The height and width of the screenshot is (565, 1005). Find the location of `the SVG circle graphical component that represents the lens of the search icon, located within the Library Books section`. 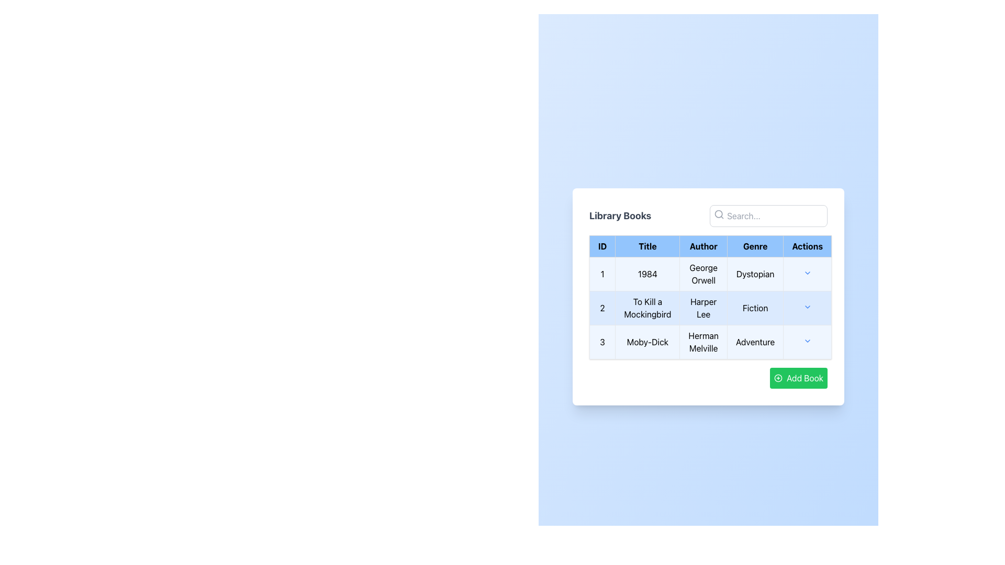

the SVG circle graphical component that represents the lens of the search icon, located within the Library Books section is located at coordinates (718, 213).